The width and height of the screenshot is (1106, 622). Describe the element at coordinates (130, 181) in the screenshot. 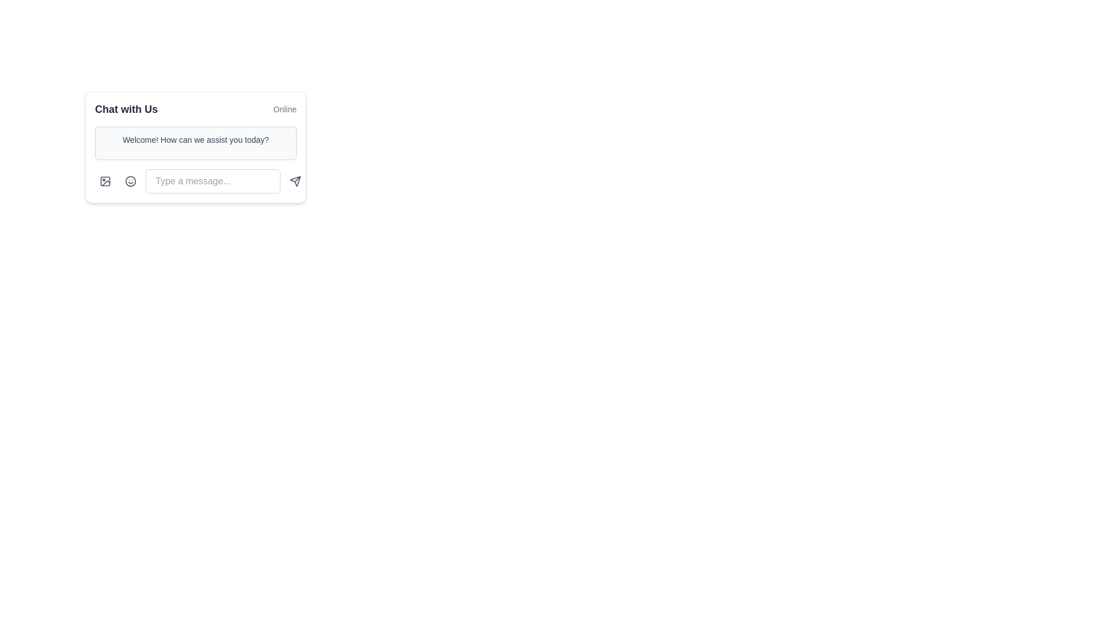

I see `the circular smiley face icon located inside the chat input bar` at that location.